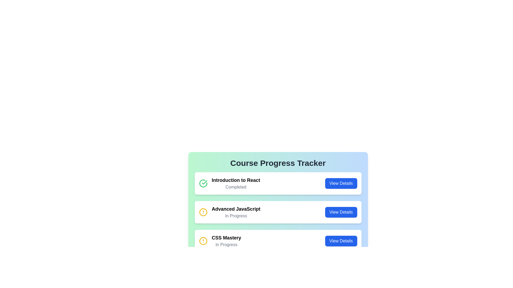 The width and height of the screenshot is (513, 288). I want to click on text label displaying 'Introduction to React', which is prominently styled in bold sans-serif font and located at the top-left section of the card component in the course tracker interface, so click(236, 180).